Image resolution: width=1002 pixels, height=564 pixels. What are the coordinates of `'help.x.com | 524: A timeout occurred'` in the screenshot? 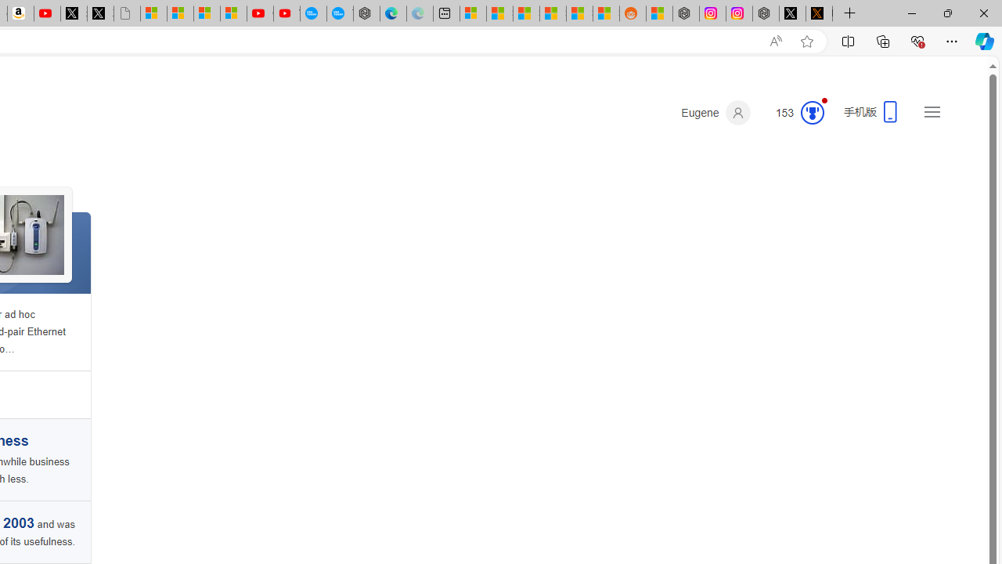 It's located at (819, 13).